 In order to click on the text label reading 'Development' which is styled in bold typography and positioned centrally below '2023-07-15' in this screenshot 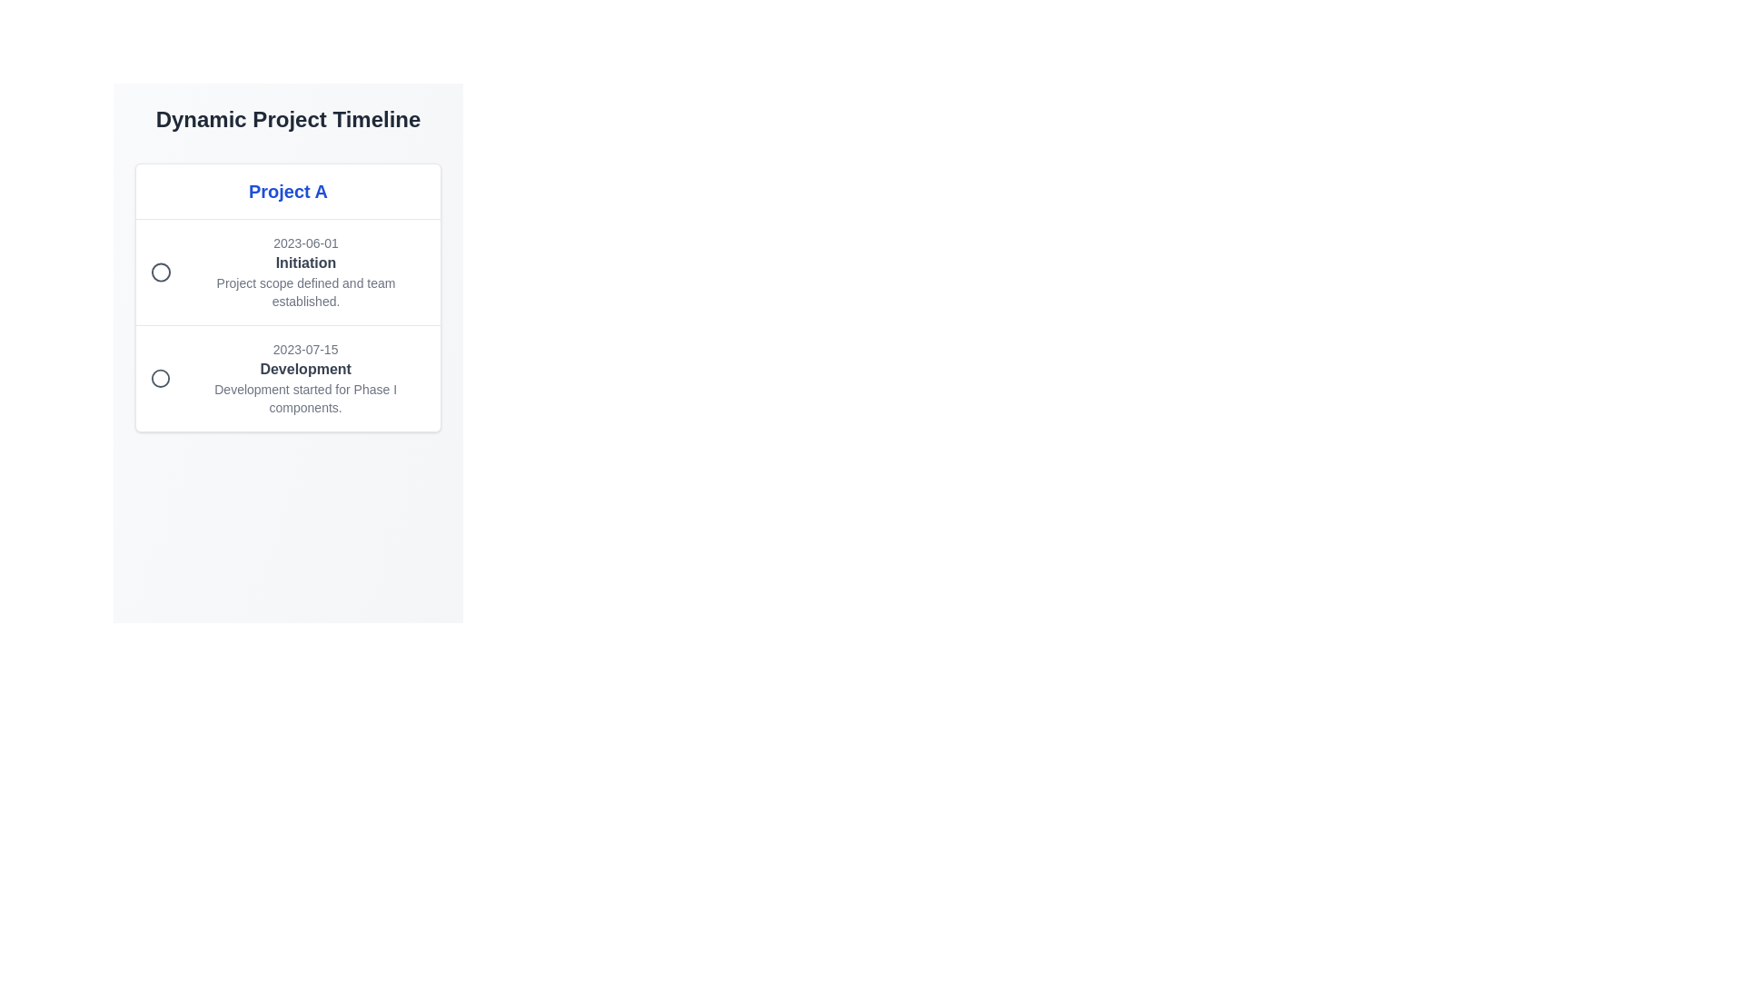, I will do `click(305, 369)`.